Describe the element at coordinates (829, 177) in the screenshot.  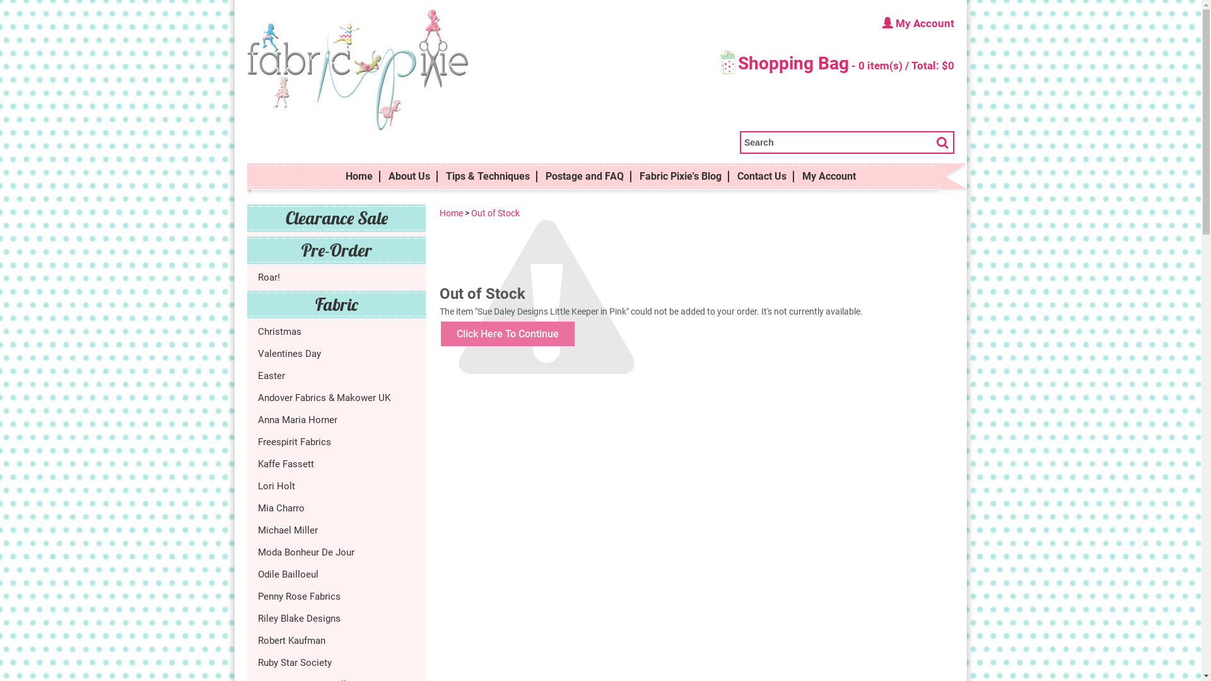
I see `'My Account'` at that location.